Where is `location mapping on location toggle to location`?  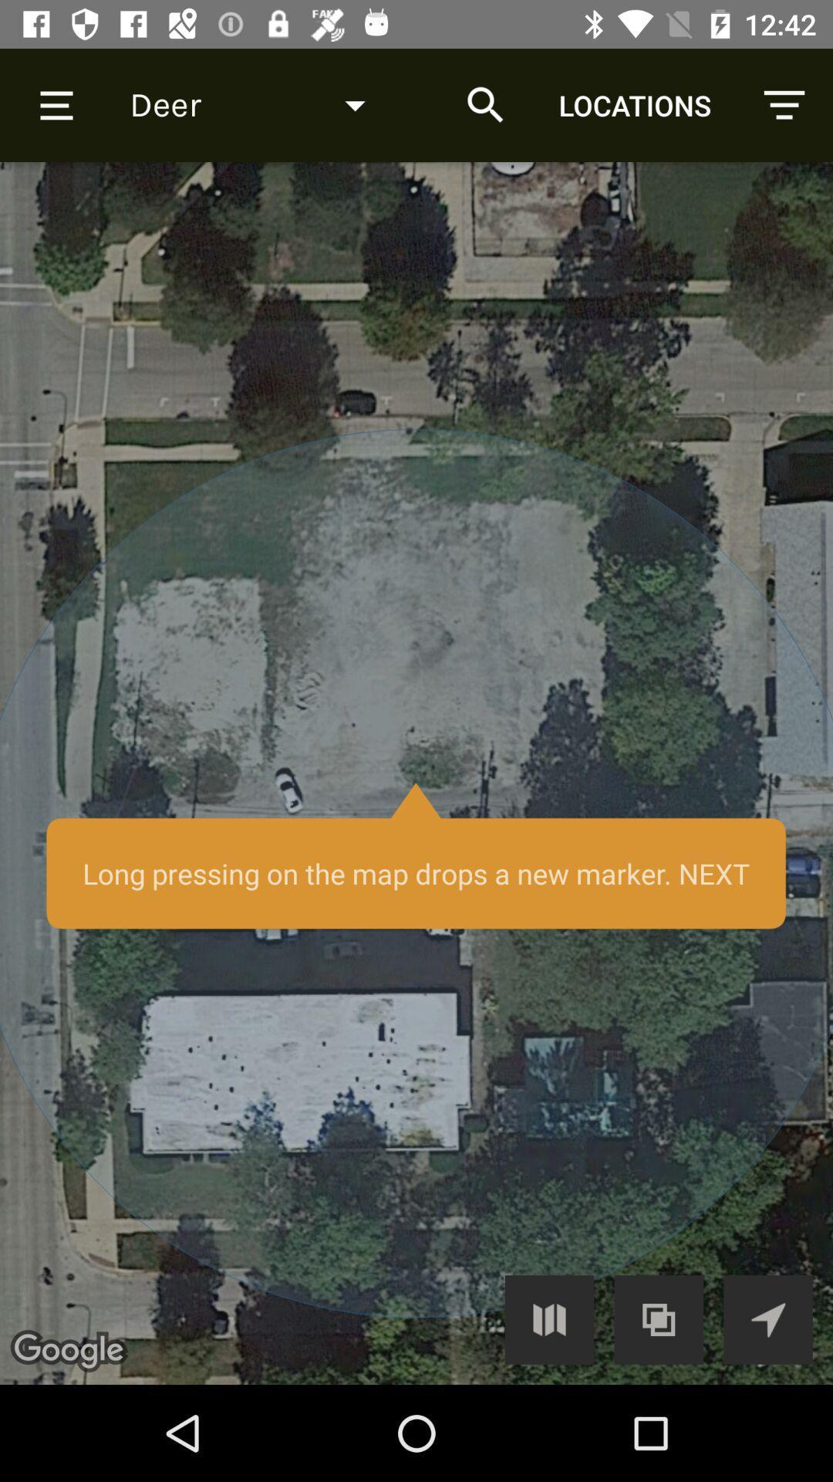
location mapping on location toggle to location is located at coordinates (767, 1318).